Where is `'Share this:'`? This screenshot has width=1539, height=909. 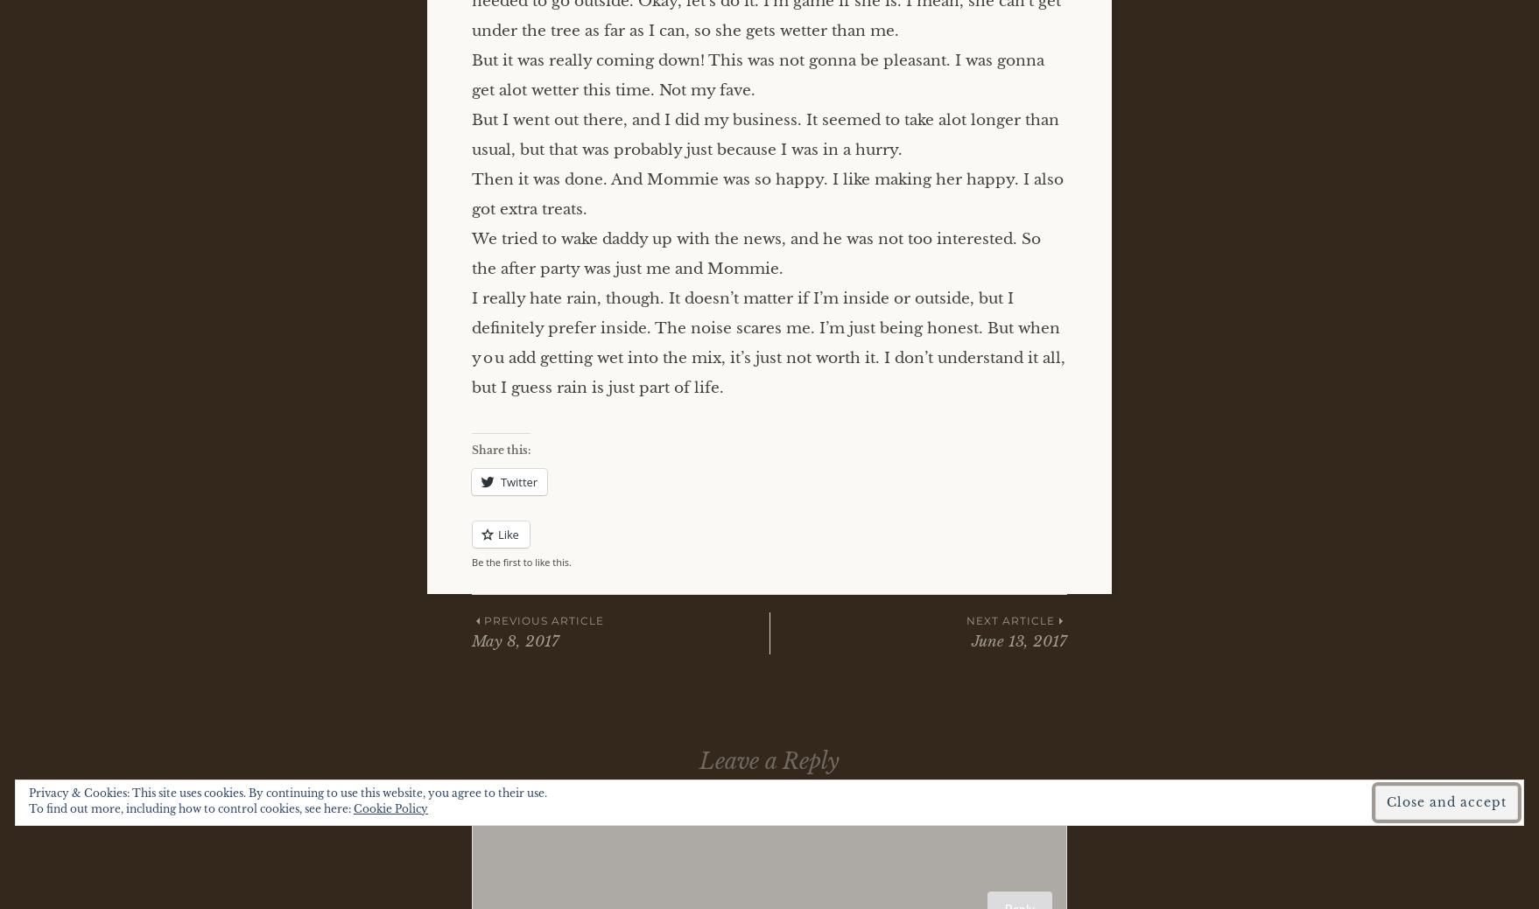 'Share this:' is located at coordinates (500, 448).